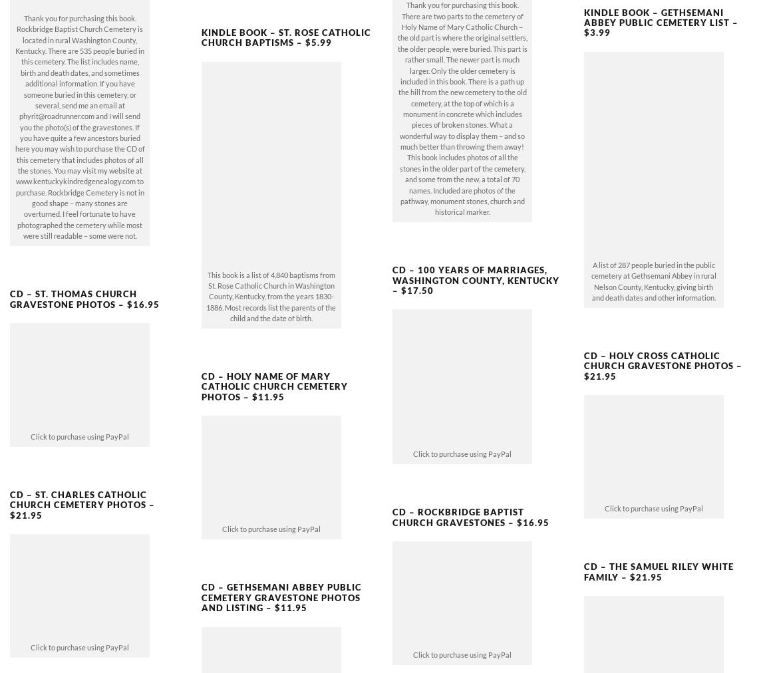  What do you see at coordinates (84, 277) in the screenshot?
I see `'CD – St. Thomas Church Gravestone Photos – $16.95'` at bounding box center [84, 277].